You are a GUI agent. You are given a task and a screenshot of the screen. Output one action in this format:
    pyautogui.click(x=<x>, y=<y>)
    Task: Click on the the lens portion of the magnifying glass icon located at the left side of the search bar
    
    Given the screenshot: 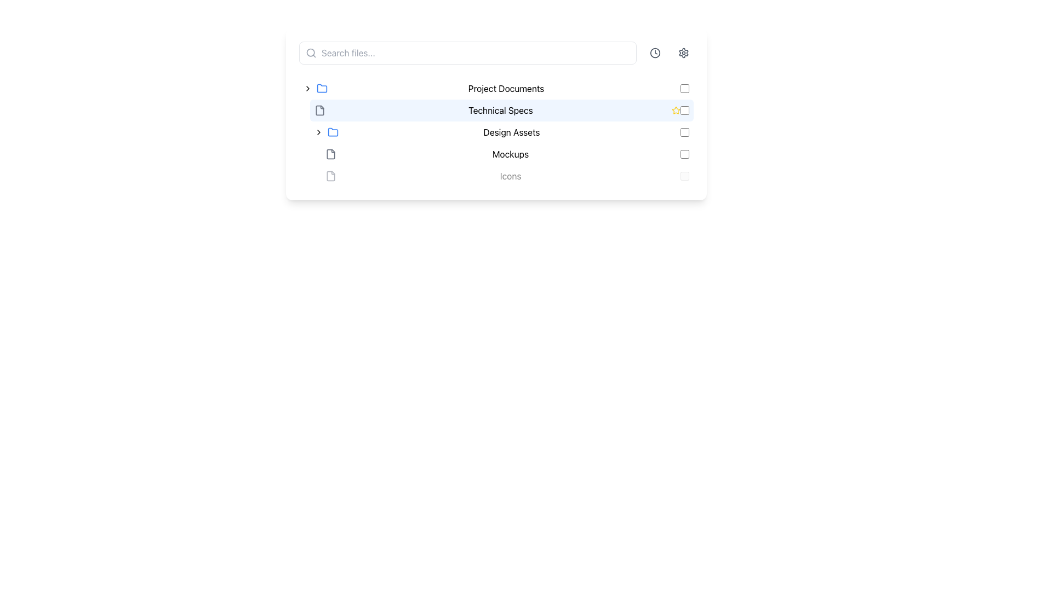 What is the action you would take?
    pyautogui.click(x=310, y=53)
    